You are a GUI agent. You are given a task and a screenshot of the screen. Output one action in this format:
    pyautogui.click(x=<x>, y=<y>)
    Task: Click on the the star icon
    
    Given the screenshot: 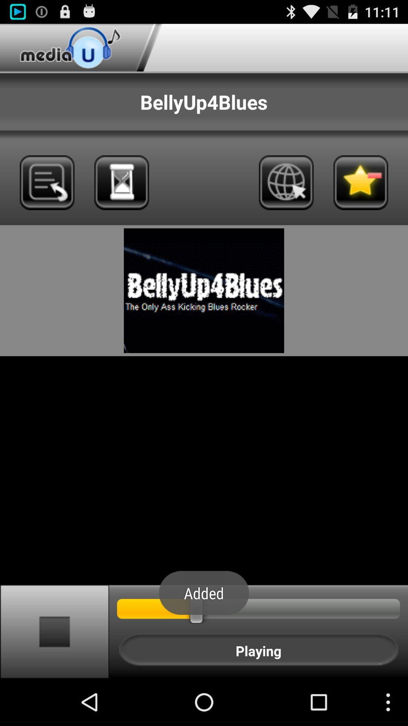 What is the action you would take?
    pyautogui.click(x=360, y=195)
    